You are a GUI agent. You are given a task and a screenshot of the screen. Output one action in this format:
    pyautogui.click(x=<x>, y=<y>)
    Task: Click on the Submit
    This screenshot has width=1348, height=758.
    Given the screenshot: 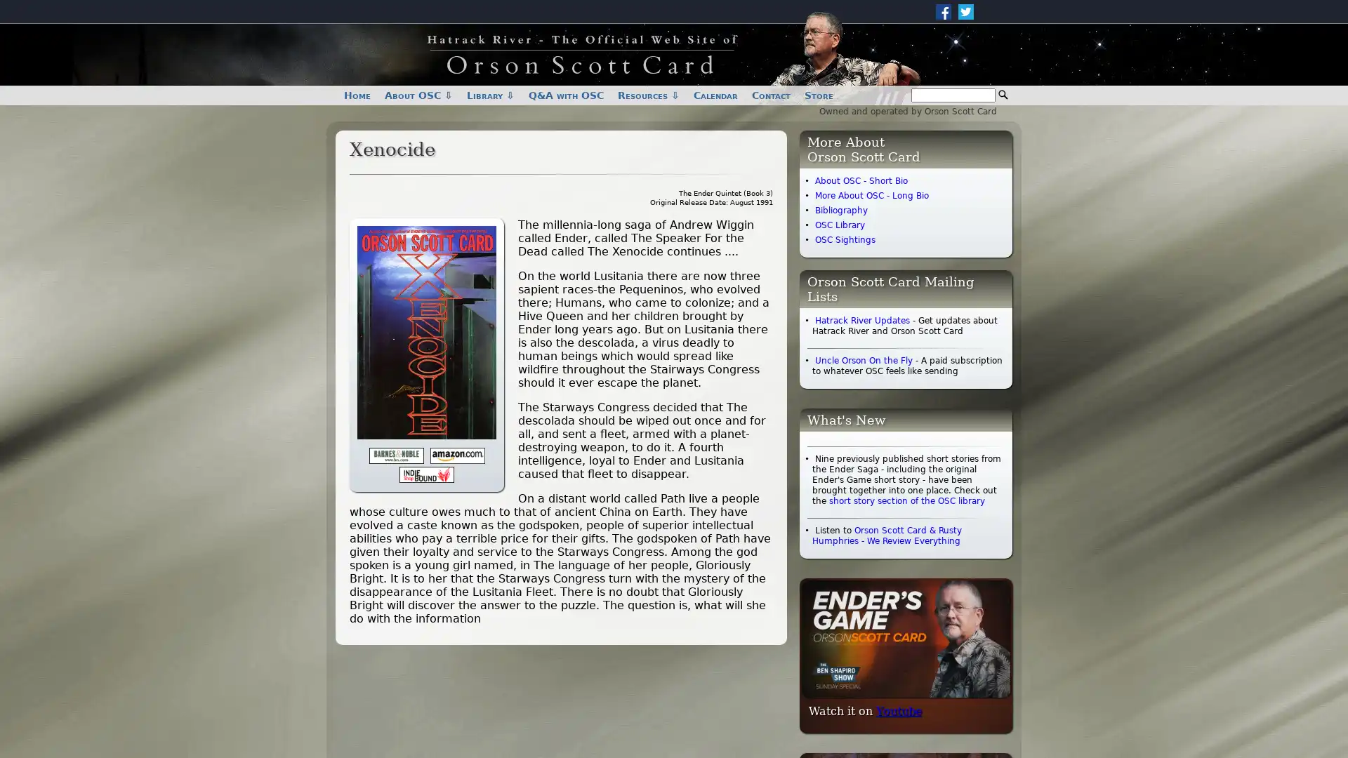 What is the action you would take?
    pyautogui.click(x=1003, y=95)
    